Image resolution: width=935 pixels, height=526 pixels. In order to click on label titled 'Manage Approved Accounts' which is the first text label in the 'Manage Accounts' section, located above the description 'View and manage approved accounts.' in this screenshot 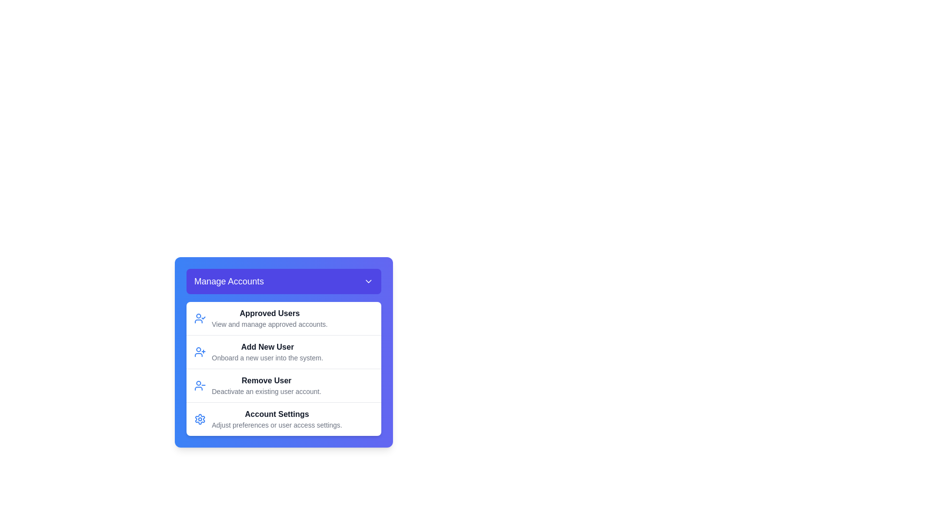, I will do `click(269, 314)`.